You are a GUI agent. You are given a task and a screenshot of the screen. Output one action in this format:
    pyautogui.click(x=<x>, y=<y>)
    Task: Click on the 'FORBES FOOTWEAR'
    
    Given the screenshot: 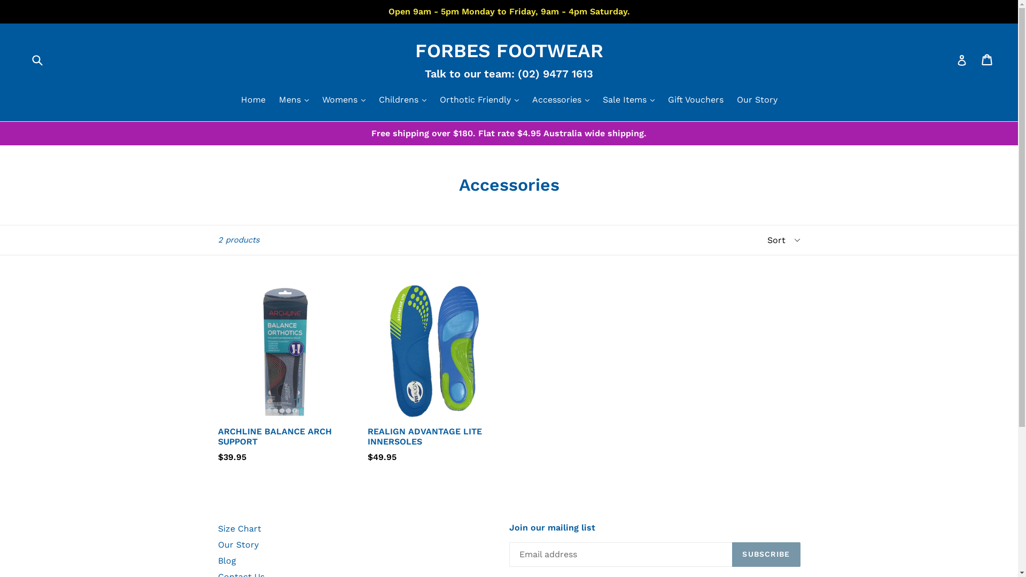 What is the action you would take?
    pyautogui.click(x=508, y=51)
    